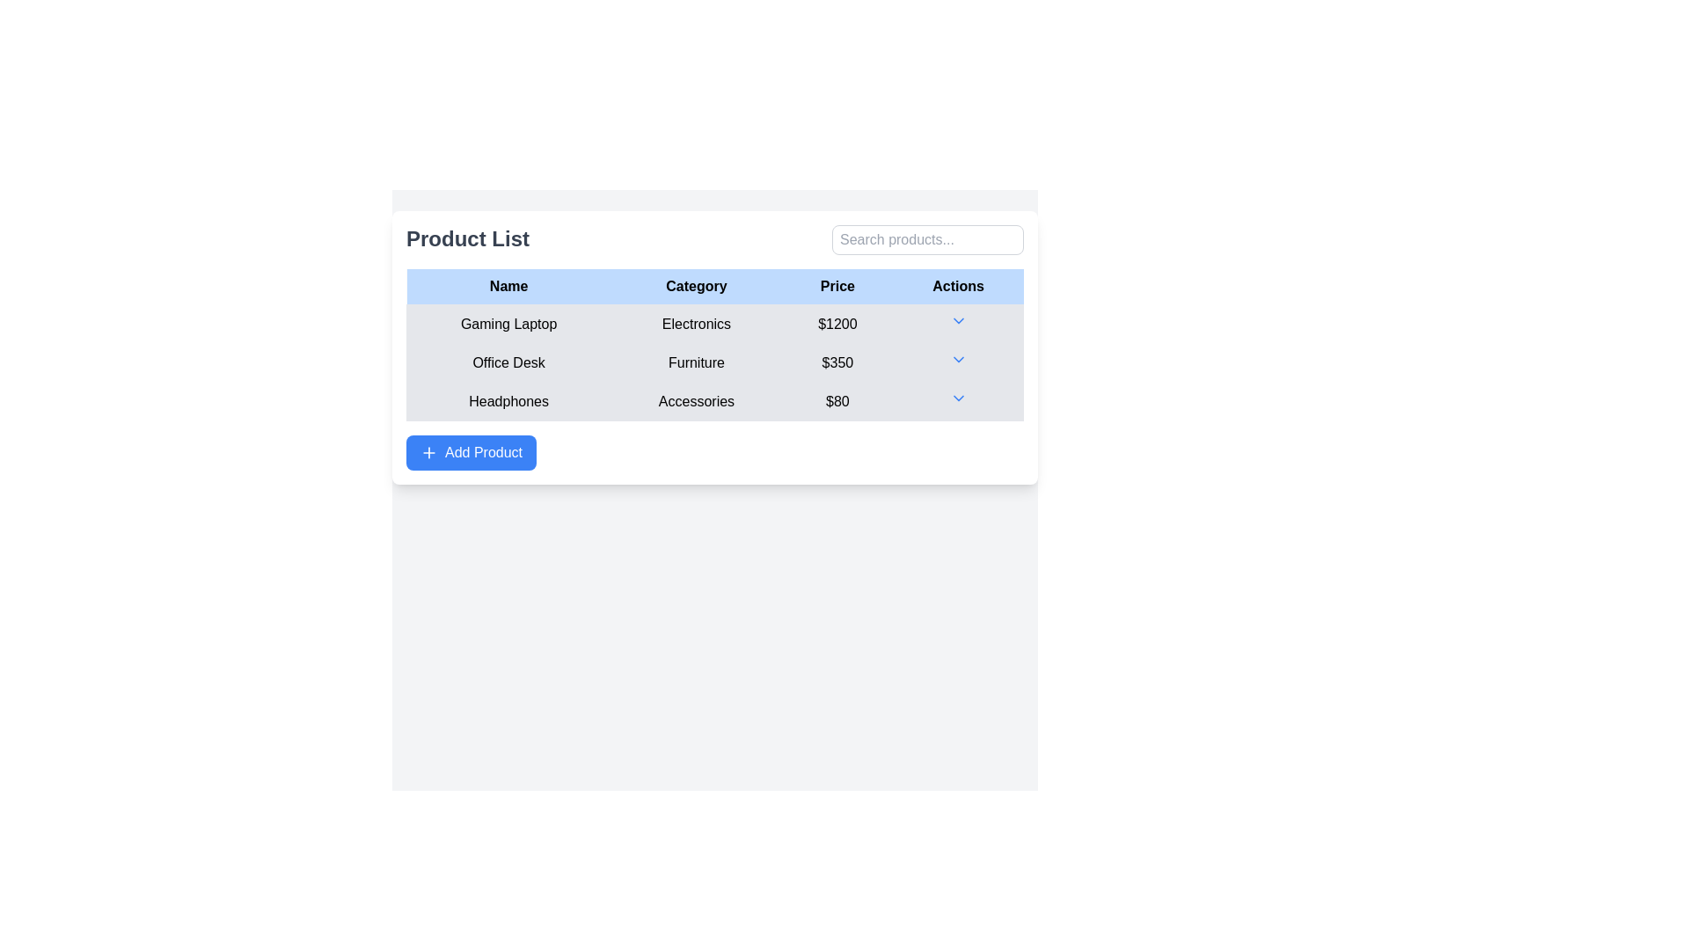  What do you see at coordinates (957, 324) in the screenshot?
I see `the dropdown toggle icon located in the last column of the table row for the 'Gaming Laptop' item` at bounding box center [957, 324].